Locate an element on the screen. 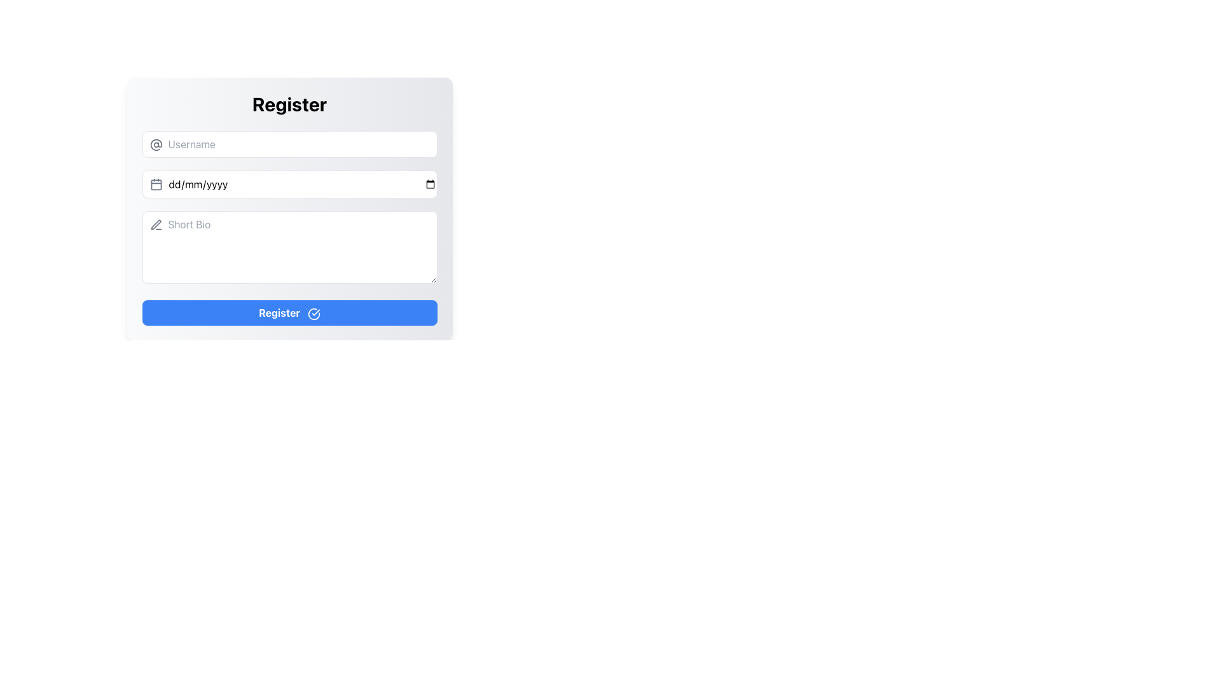 The height and width of the screenshot is (687, 1221). the submit button located at the bottom of the registration form is located at coordinates (289, 313).